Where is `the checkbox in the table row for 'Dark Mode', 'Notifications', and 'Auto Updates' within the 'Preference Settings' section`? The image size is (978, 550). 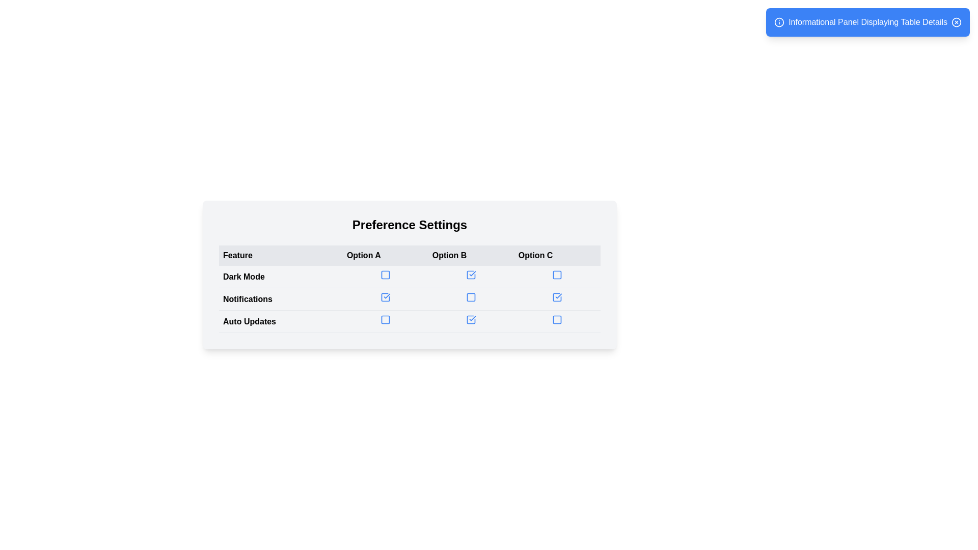
the checkbox in the table row for 'Dark Mode', 'Notifications', and 'Auto Updates' within the 'Preference Settings' section is located at coordinates (410, 298).